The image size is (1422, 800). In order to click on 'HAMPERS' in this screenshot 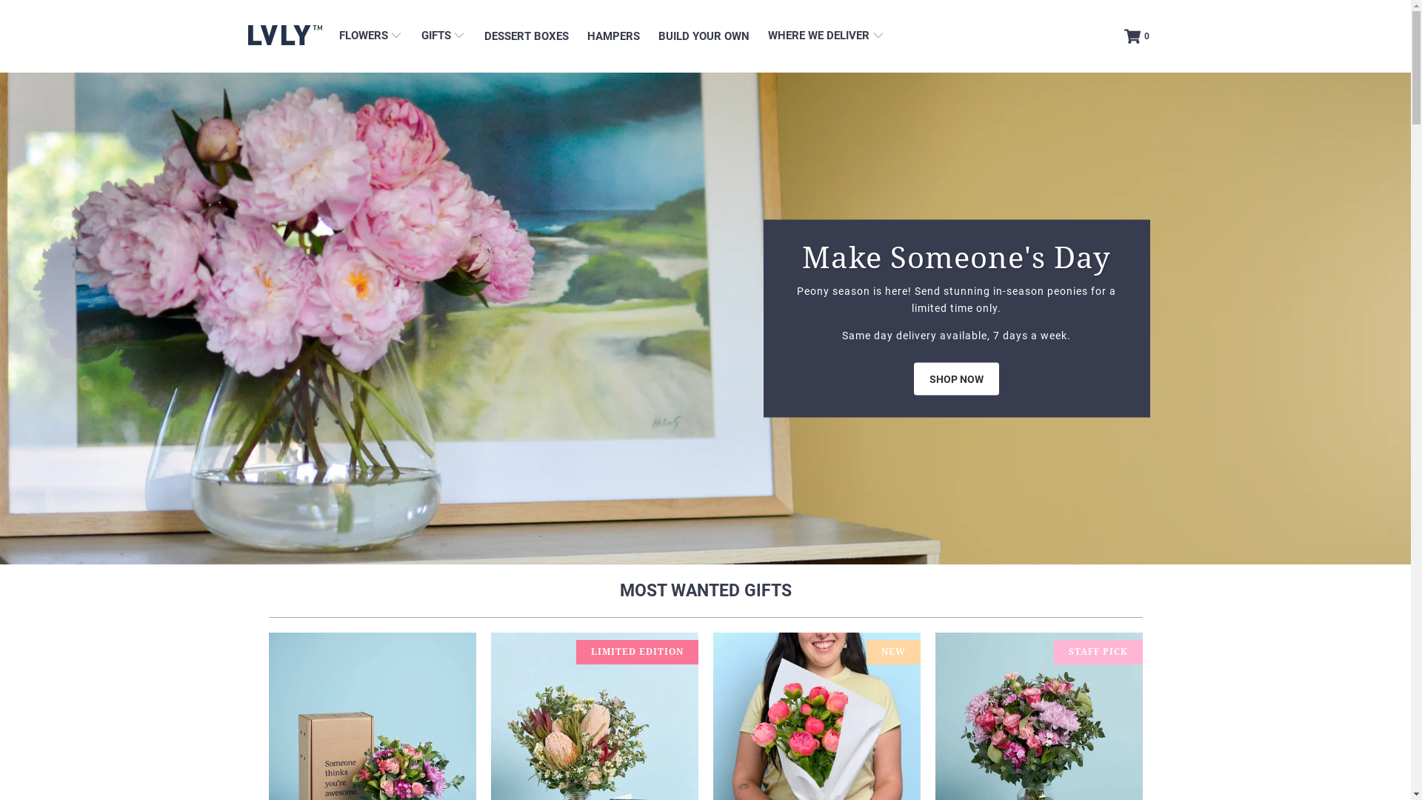, I will do `click(586, 36)`.